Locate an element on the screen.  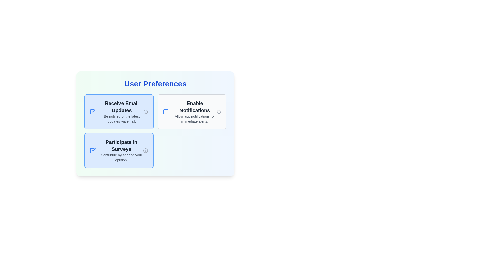
text label that serves as the title of the 'Enable Notifications' section, located centrally above the descriptive text within the card is located at coordinates (194, 107).